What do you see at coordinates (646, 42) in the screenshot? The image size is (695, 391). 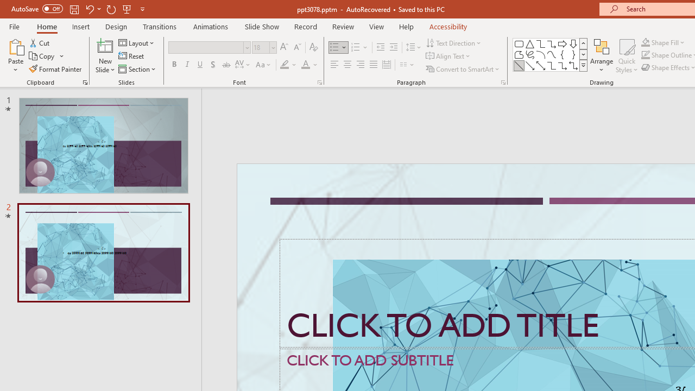 I see `'Shape Fill Dark Green, Accent 2'` at bounding box center [646, 42].